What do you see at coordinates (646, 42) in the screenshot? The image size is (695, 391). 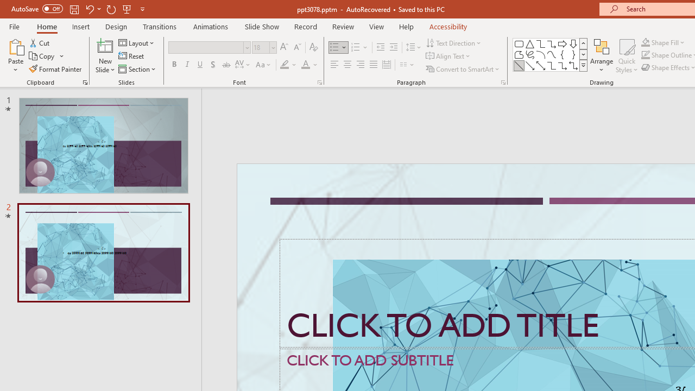 I see `'Shape Fill Dark Green, Accent 2'` at bounding box center [646, 42].